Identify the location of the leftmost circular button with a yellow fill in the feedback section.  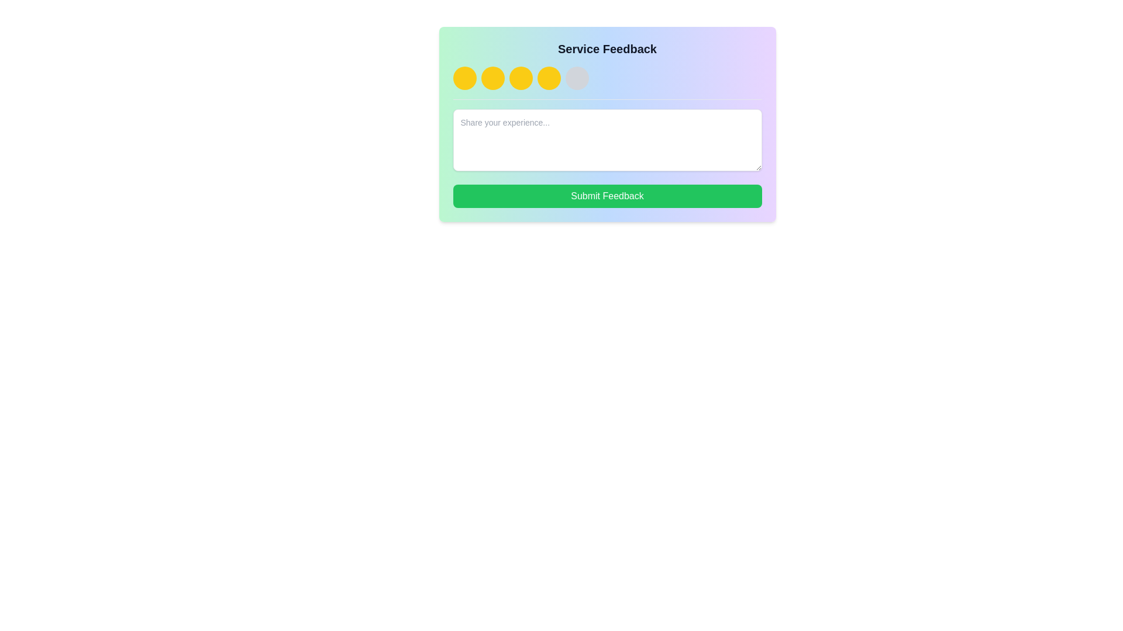
(464, 78).